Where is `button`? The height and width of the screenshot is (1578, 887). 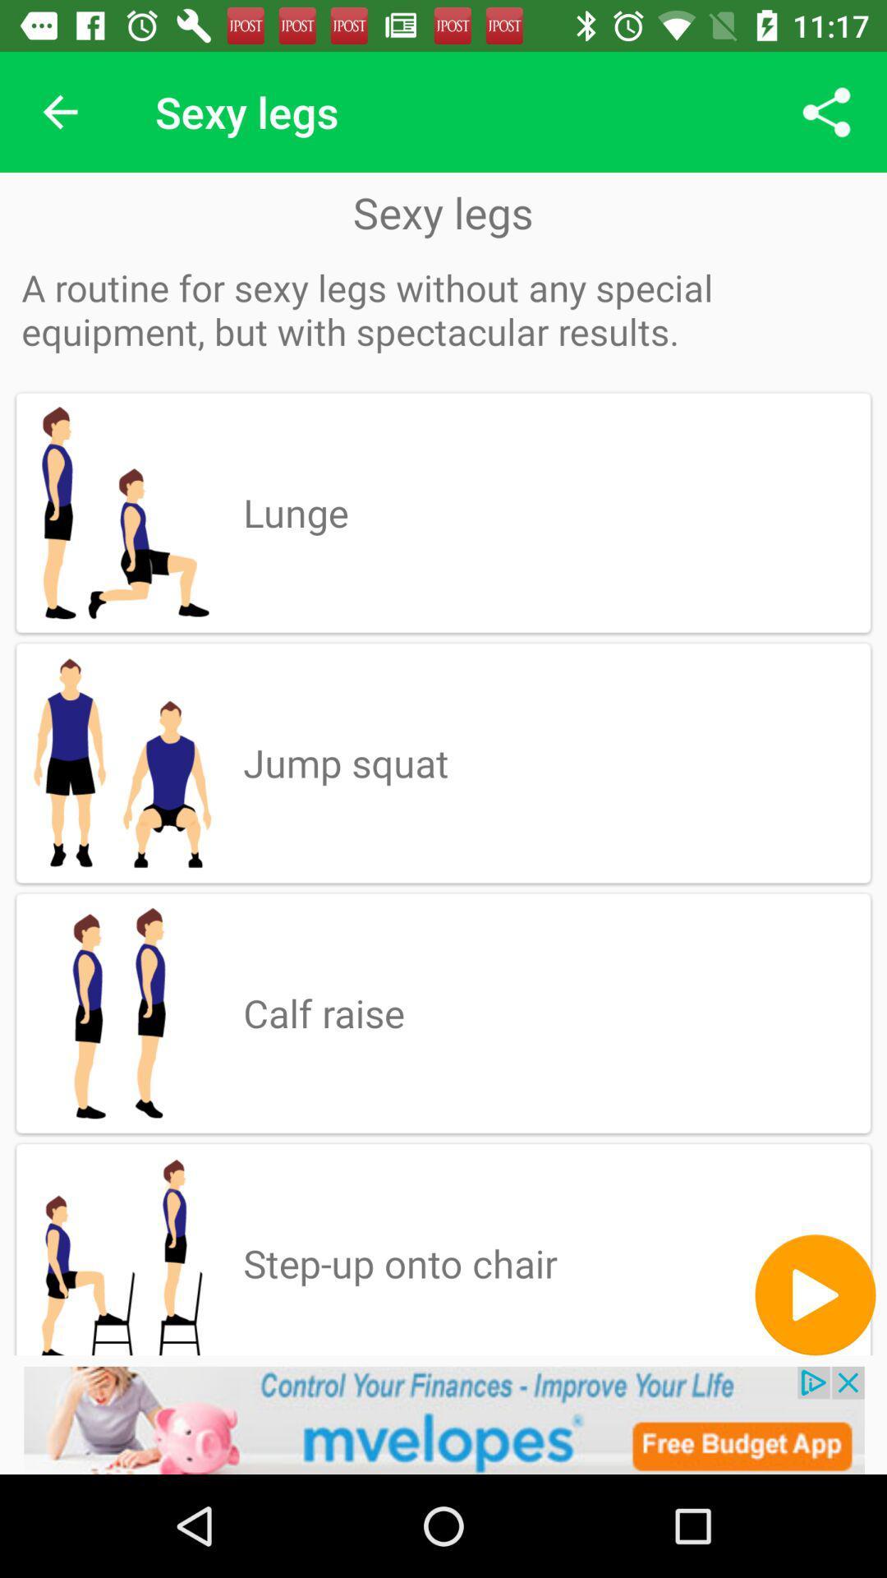
button is located at coordinates (815, 1294).